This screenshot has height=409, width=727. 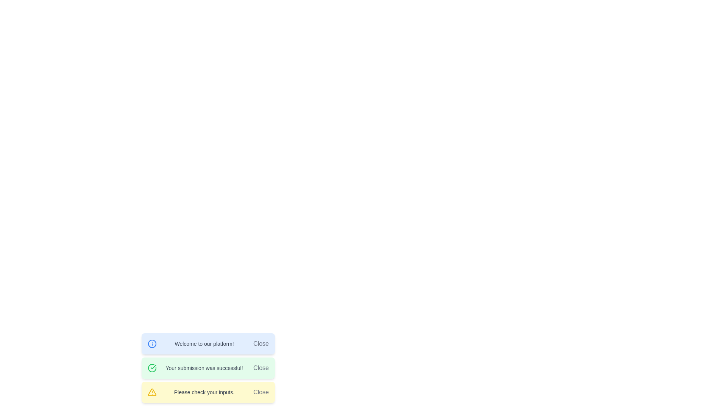 I want to click on the 'Close' button on the yellow notification box that contains the message 'Please check your inputs.', so click(x=208, y=392).